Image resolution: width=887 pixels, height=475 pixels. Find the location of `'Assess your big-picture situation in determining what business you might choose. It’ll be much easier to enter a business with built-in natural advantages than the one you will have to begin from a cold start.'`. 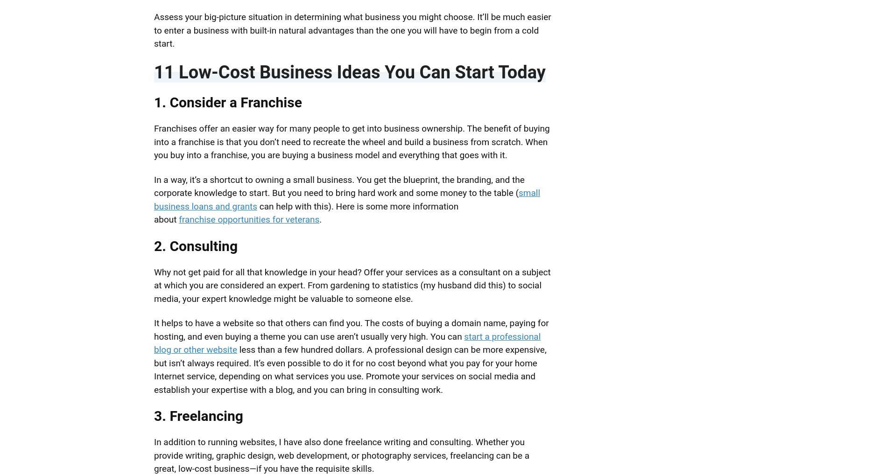

'Assess your big-picture situation in determining what business you might choose. It’ll be much easier to enter a business with built-in natural advantages than the one you will have to begin from a cold start.' is located at coordinates (352, 30).